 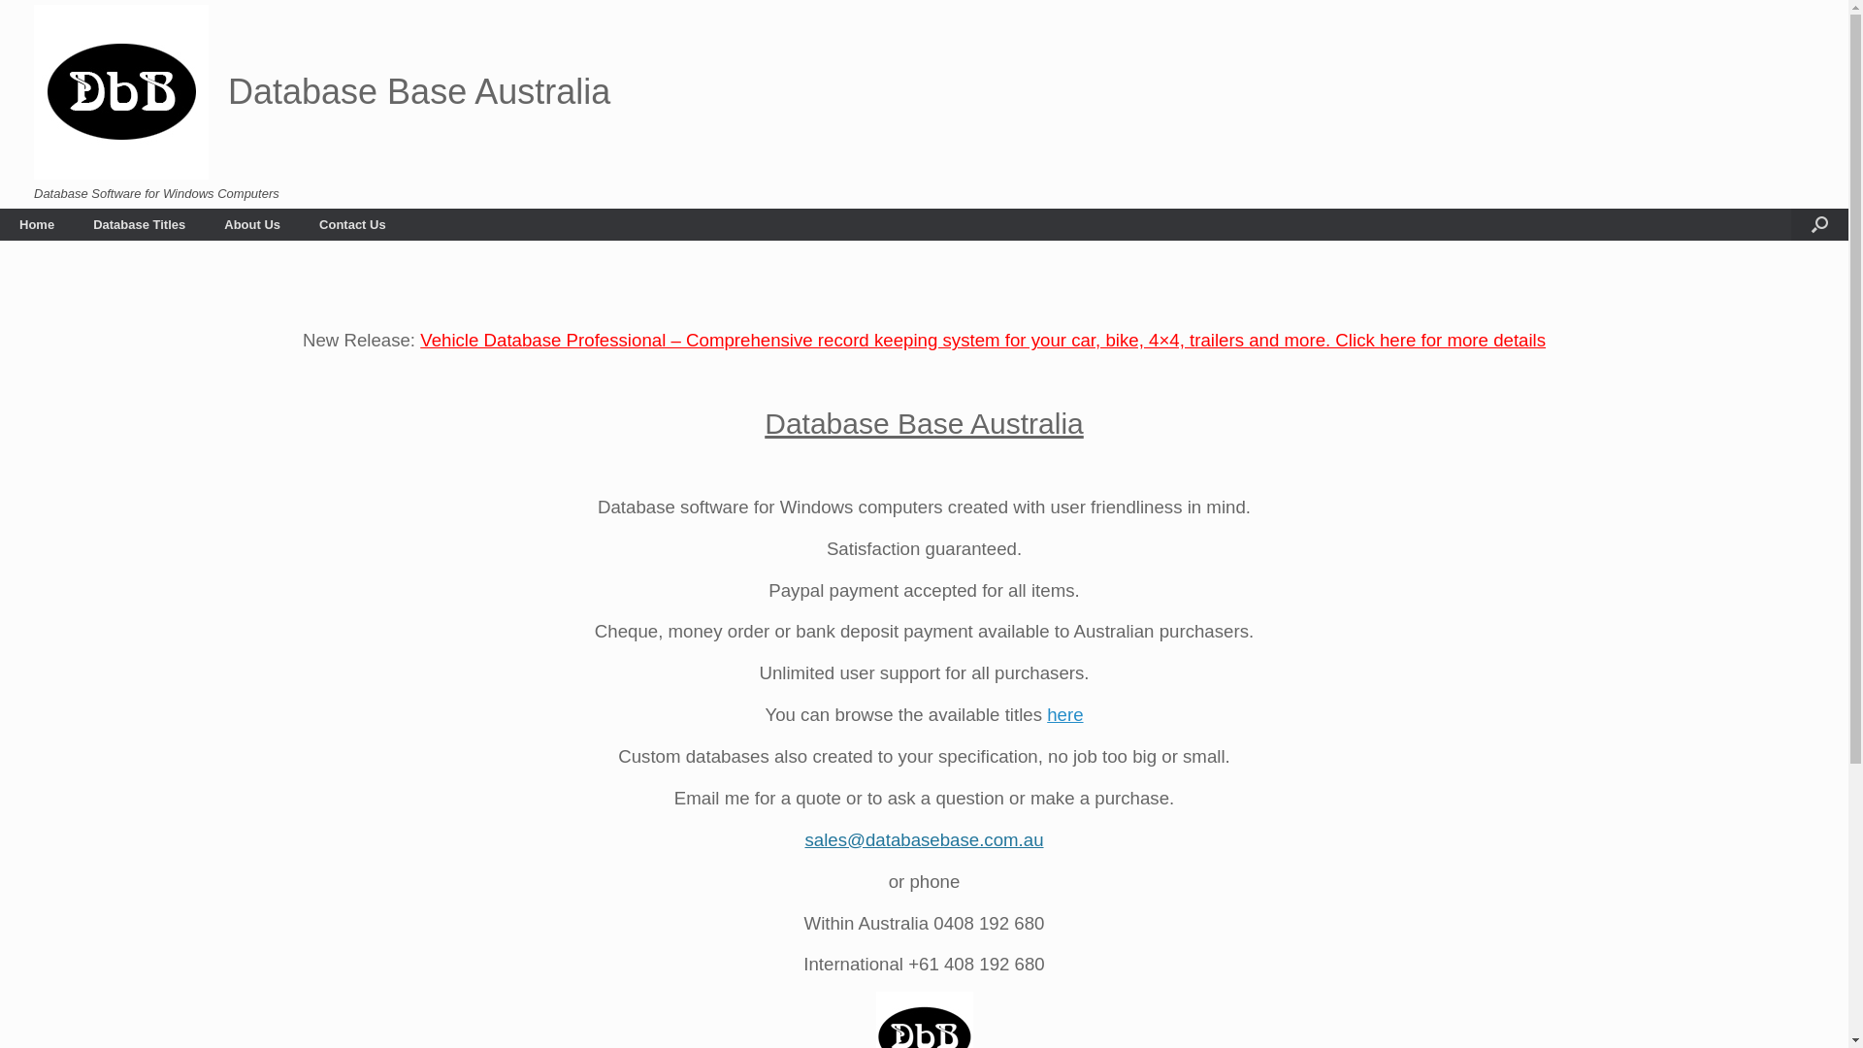 I want to click on 'here', so click(x=1046, y=714).